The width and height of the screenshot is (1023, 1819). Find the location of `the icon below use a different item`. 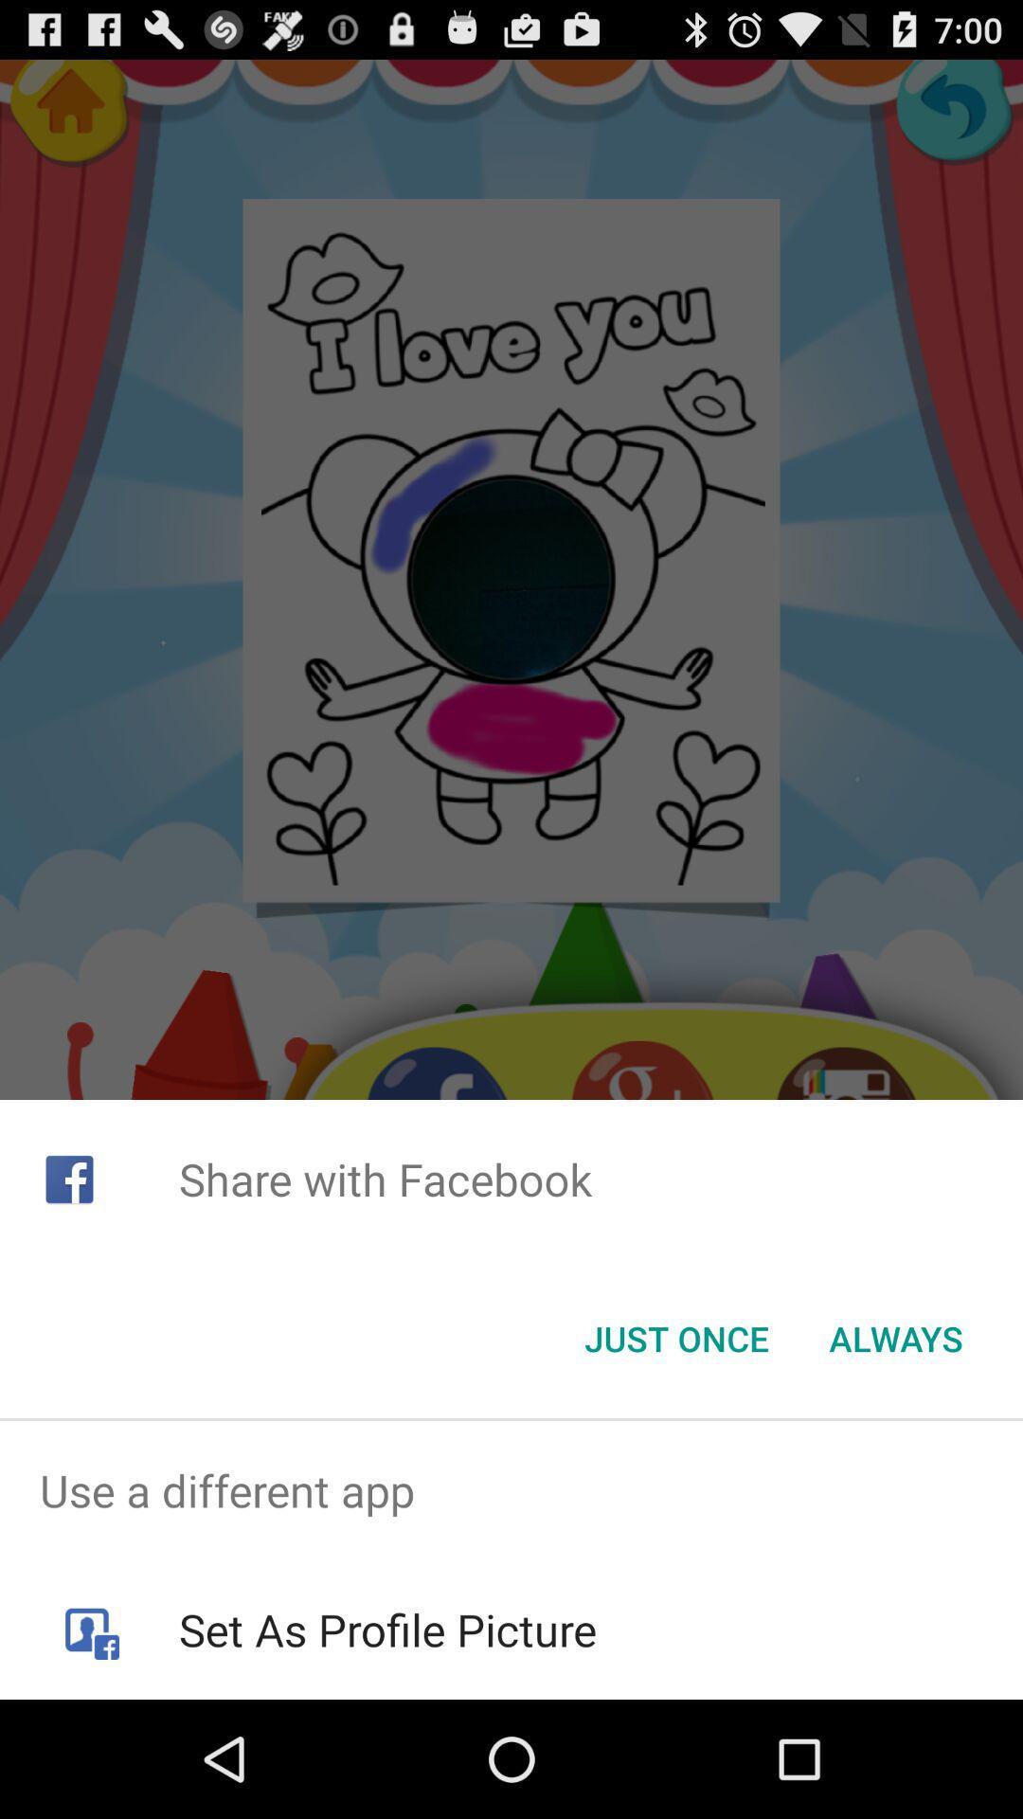

the icon below use a different item is located at coordinates (386, 1629).